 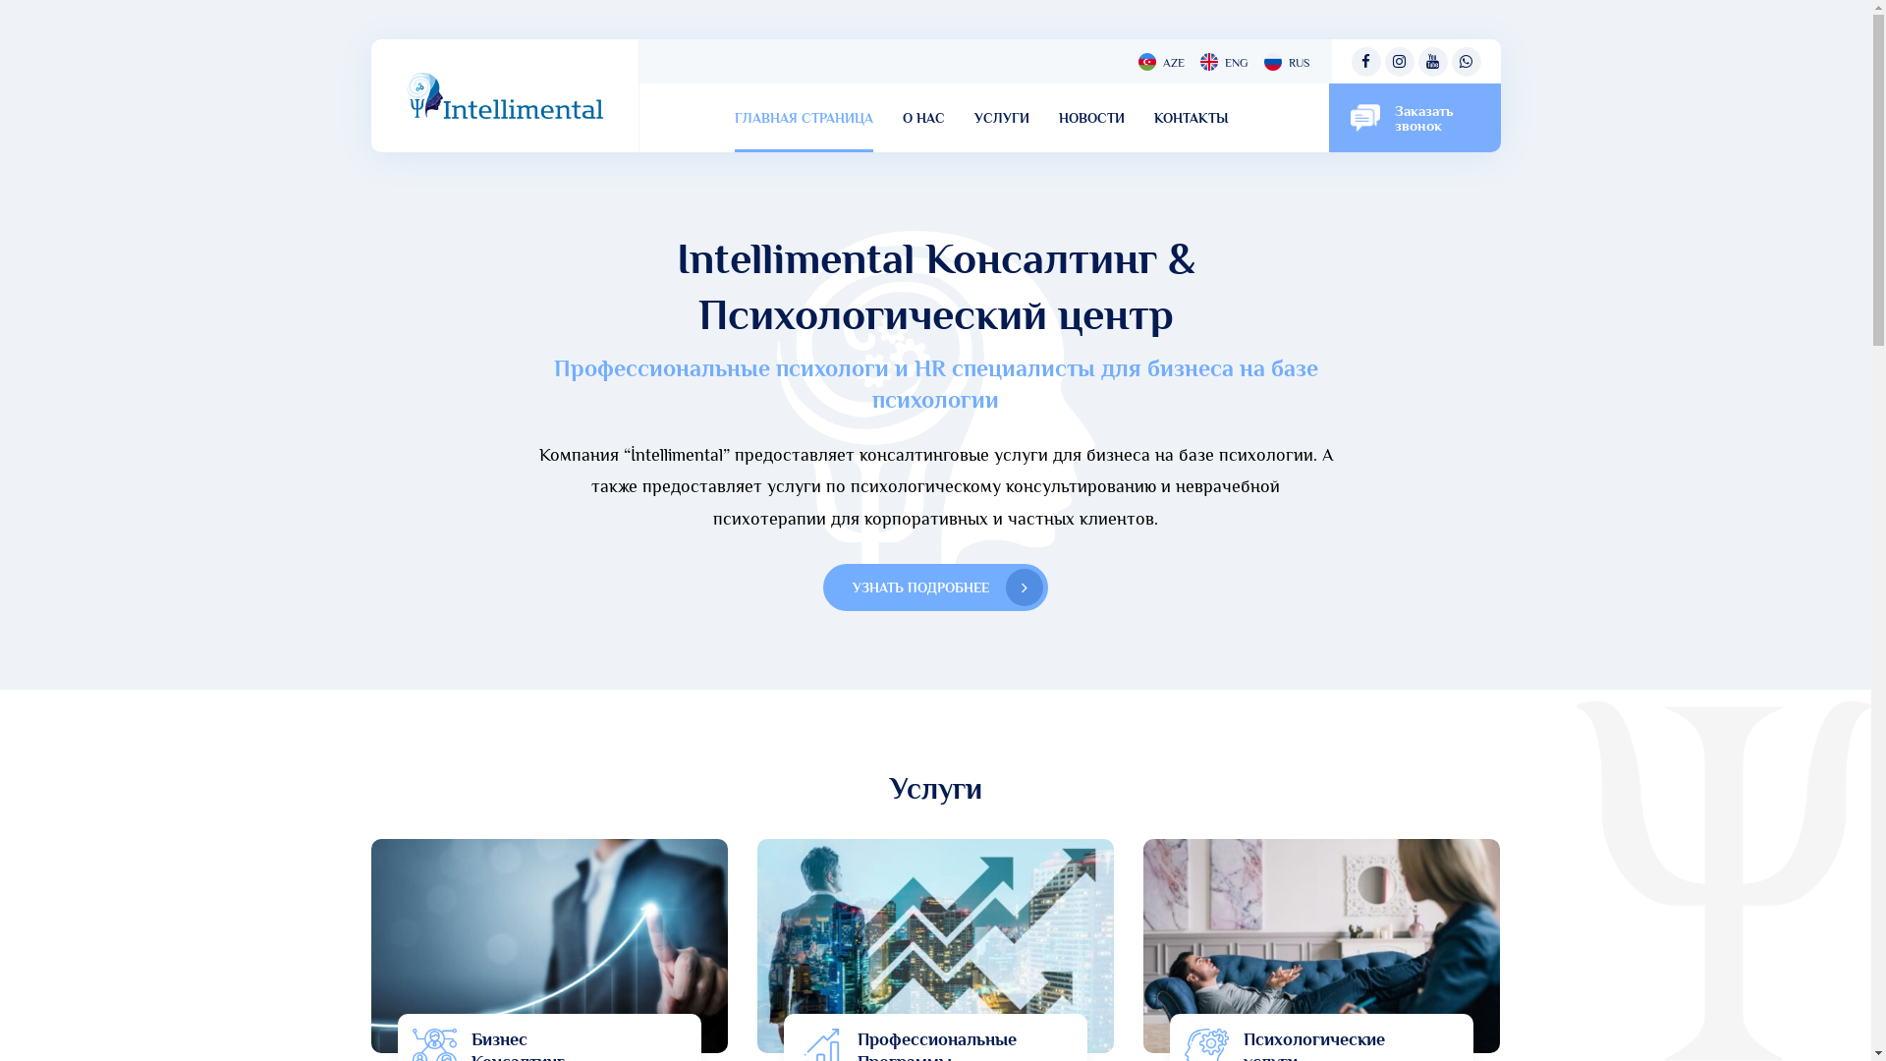 I want to click on 'AZE', so click(x=1137, y=60).